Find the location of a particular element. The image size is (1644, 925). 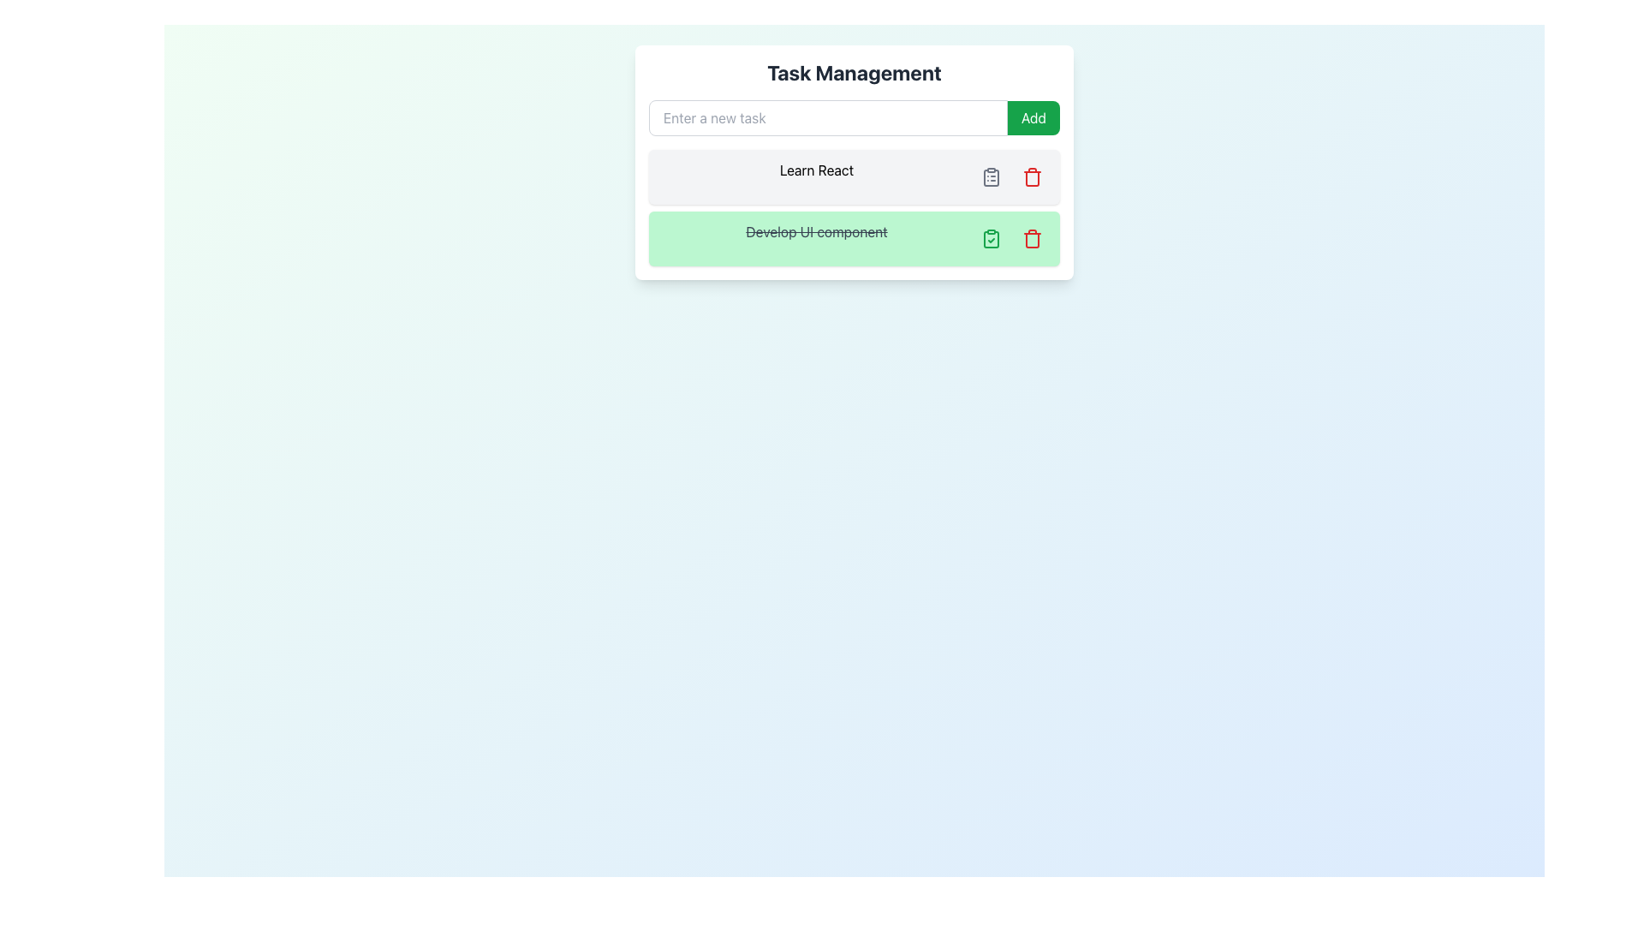

the circular red button with a trash bin icon is located at coordinates (1031, 177).